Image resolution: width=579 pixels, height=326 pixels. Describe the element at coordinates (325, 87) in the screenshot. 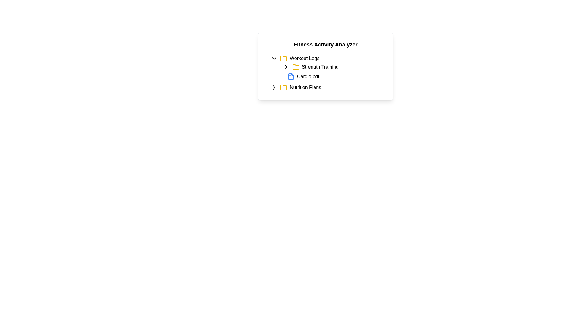

I see `the last list item labeled 'Nutrition Plans', which represents a selectable entry in a vertical list of categories or files` at that location.